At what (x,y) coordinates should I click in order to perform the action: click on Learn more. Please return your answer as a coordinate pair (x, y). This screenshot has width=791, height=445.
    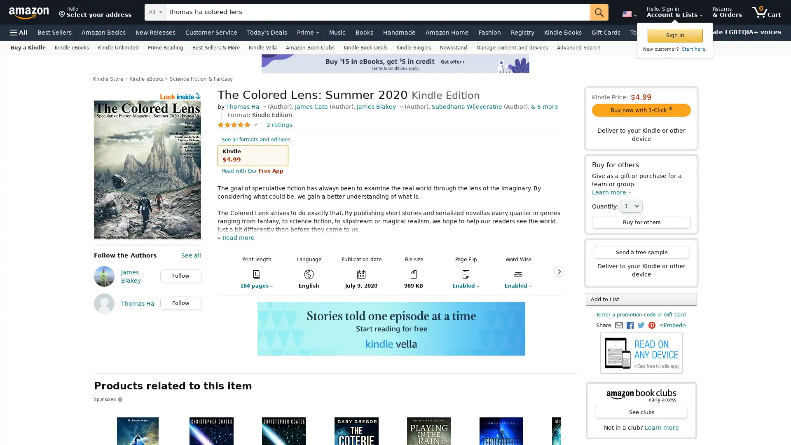
    Looking at the image, I should click on (611, 192).